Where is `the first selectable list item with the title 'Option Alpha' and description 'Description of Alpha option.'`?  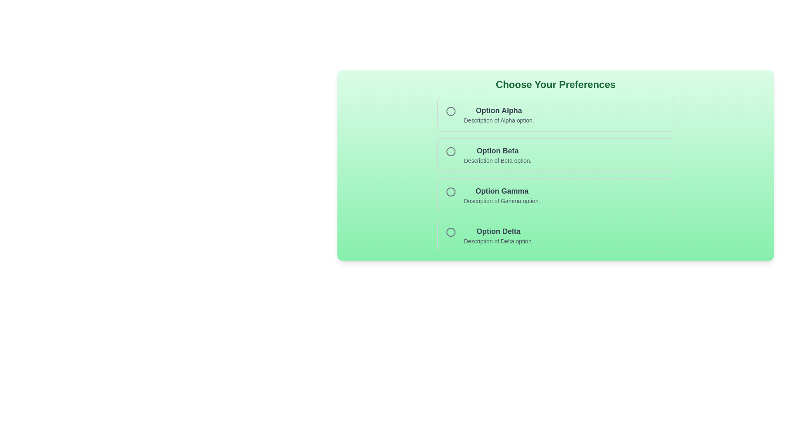
the first selectable list item with the title 'Option Alpha' and description 'Description of Alpha option.' is located at coordinates (555, 114).